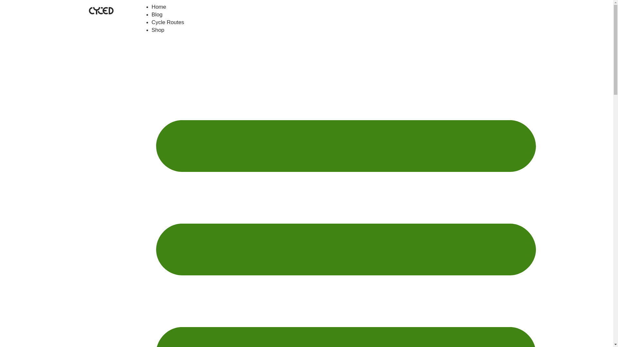  Describe the element at coordinates (157, 14) in the screenshot. I see `'Blog'` at that location.